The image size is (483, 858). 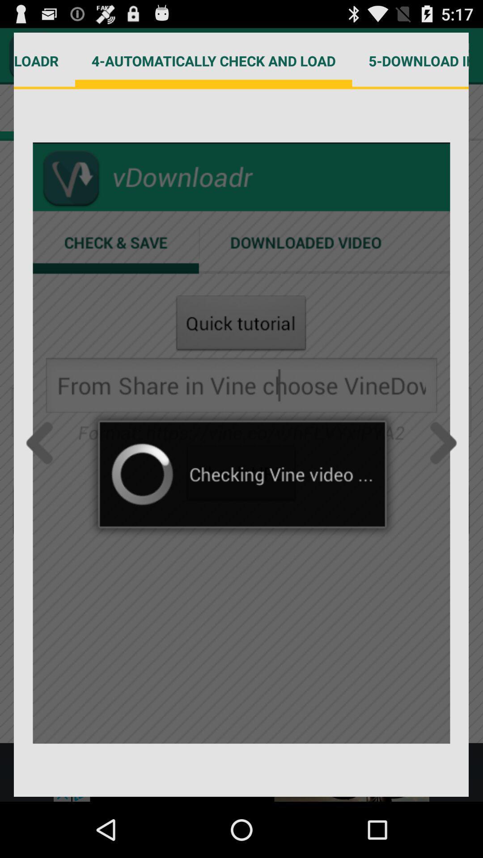 I want to click on the 5 download in, so click(x=411, y=60).